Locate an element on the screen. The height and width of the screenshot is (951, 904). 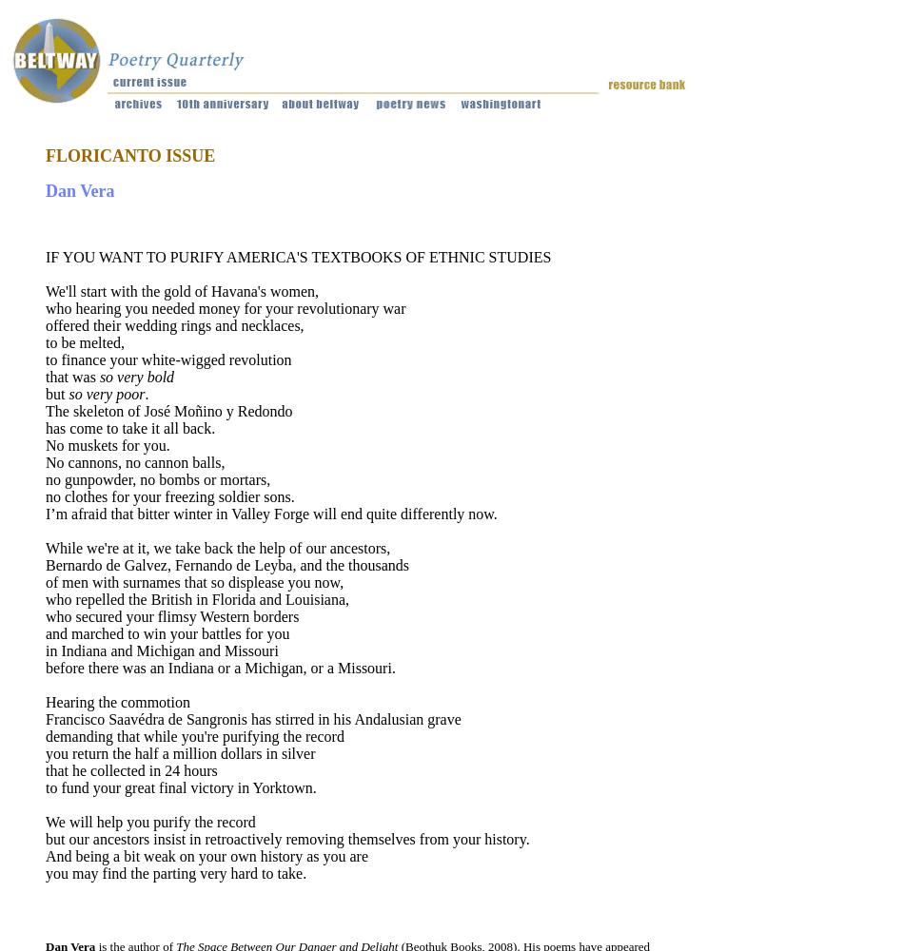
'Classes/' is located at coordinates (665, 126).